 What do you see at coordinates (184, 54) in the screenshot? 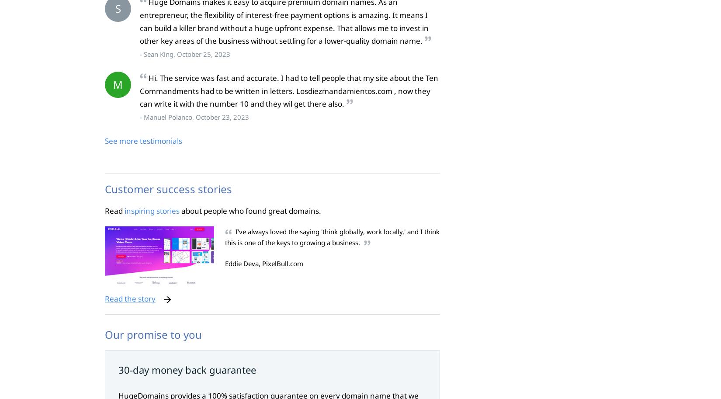
I see `'- Sean King, October 25, 2023'` at bounding box center [184, 54].